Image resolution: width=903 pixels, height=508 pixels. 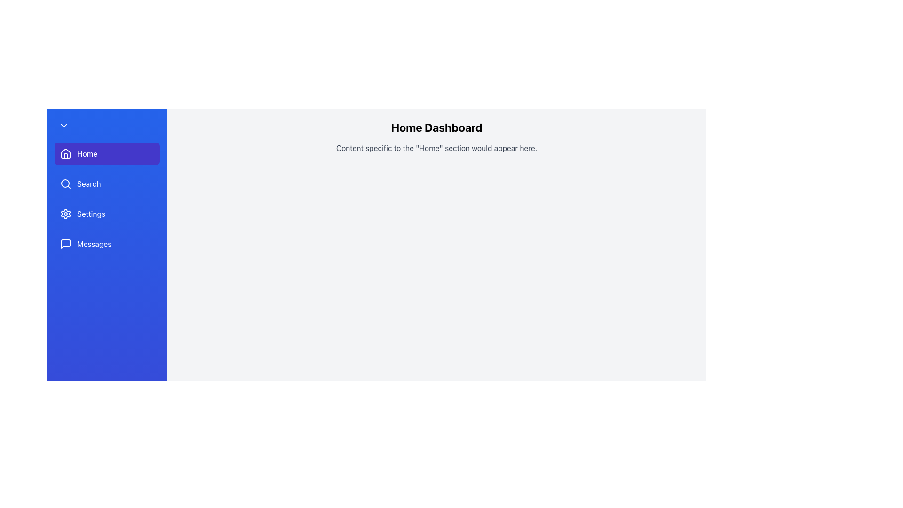 I want to click on the 'Settings' icon in the sidebar menu, which is located immediately to the left of the 'Settings' label text, so click(x=65, y=214).